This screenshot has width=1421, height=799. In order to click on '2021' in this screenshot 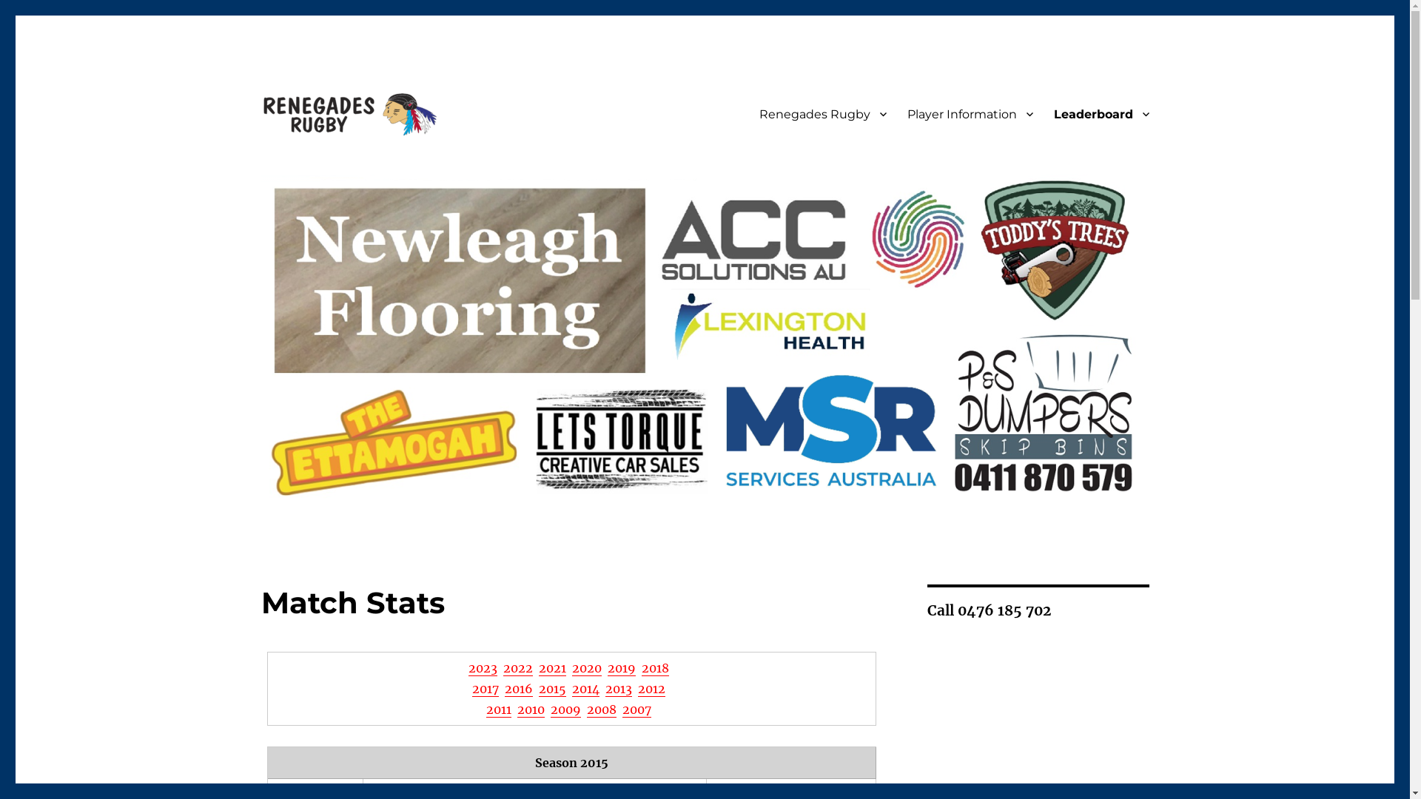, I will do `click(551, 667)`.